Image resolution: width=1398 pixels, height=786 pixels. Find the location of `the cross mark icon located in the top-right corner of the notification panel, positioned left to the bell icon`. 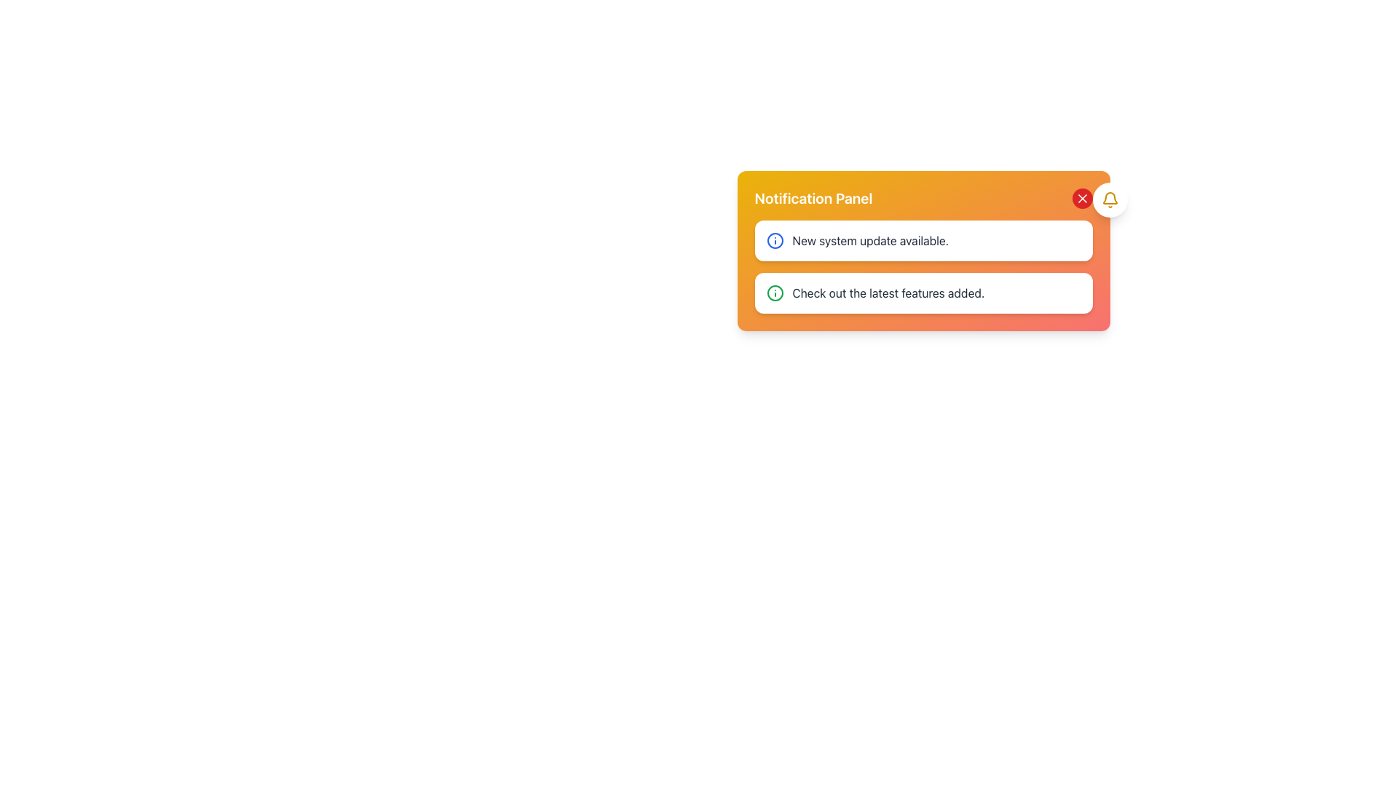

the cross mark icon located in the top-right corner of the notification panel, positioned left to the bell icon is located at coordinates (1082, 199).